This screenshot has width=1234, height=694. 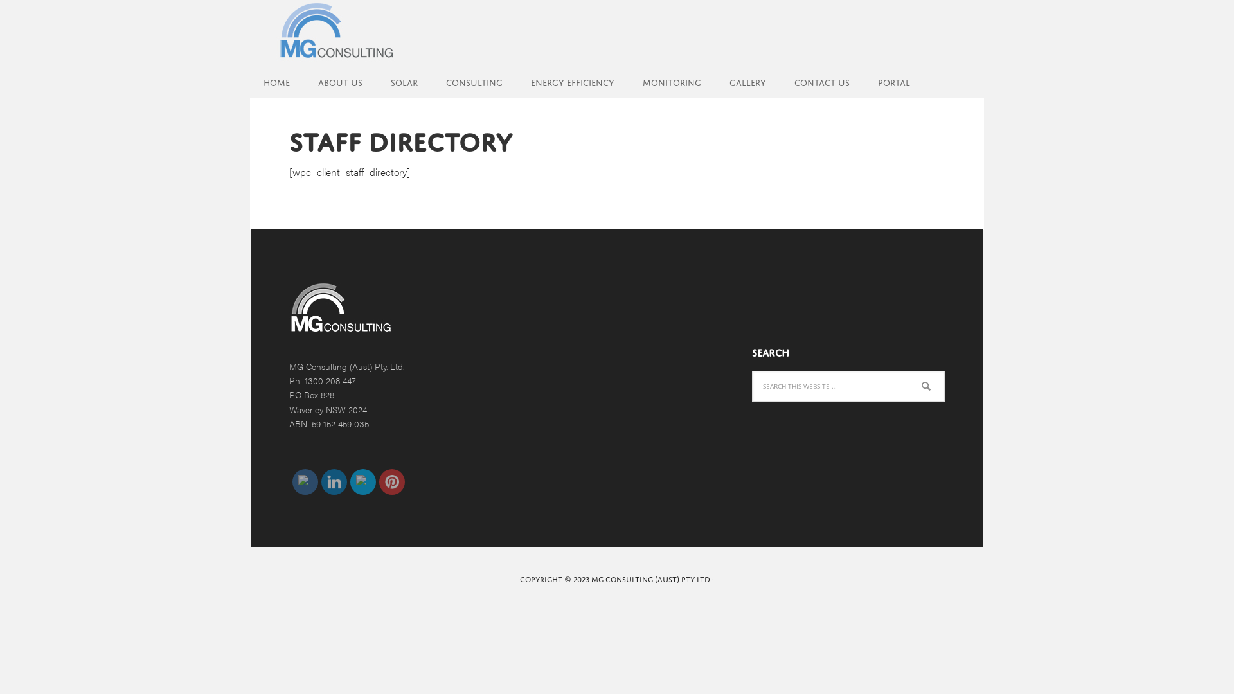 I want to click on 'Twitter', so click(x=362, y=481).